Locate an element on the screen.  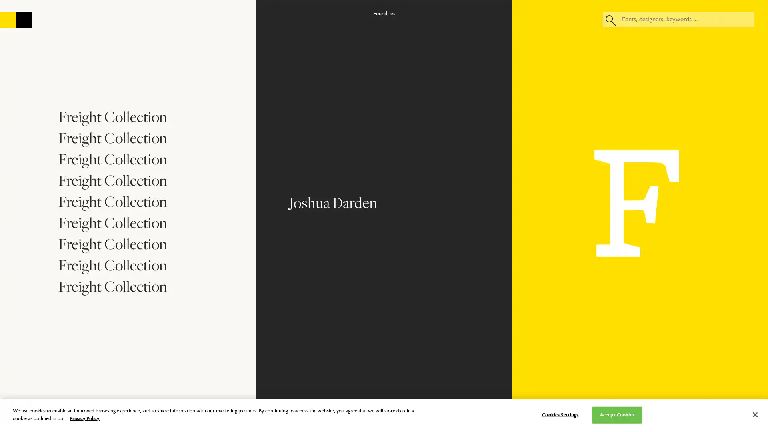
Subscribe is located at coordinates (383, 216).